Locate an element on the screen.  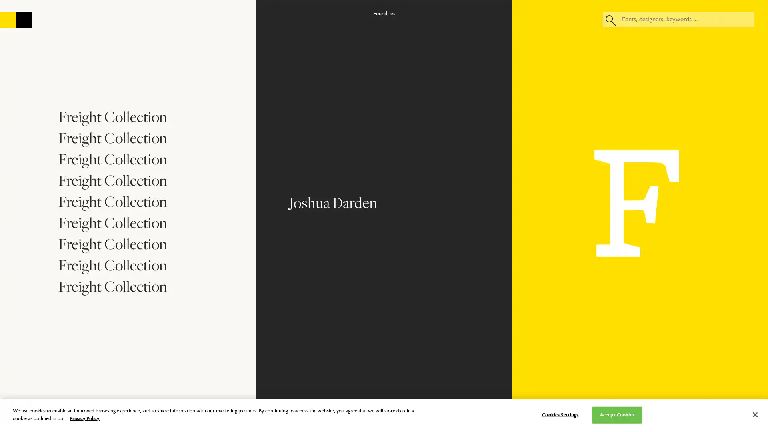
Subscribe is located at coordinates (383, 216).